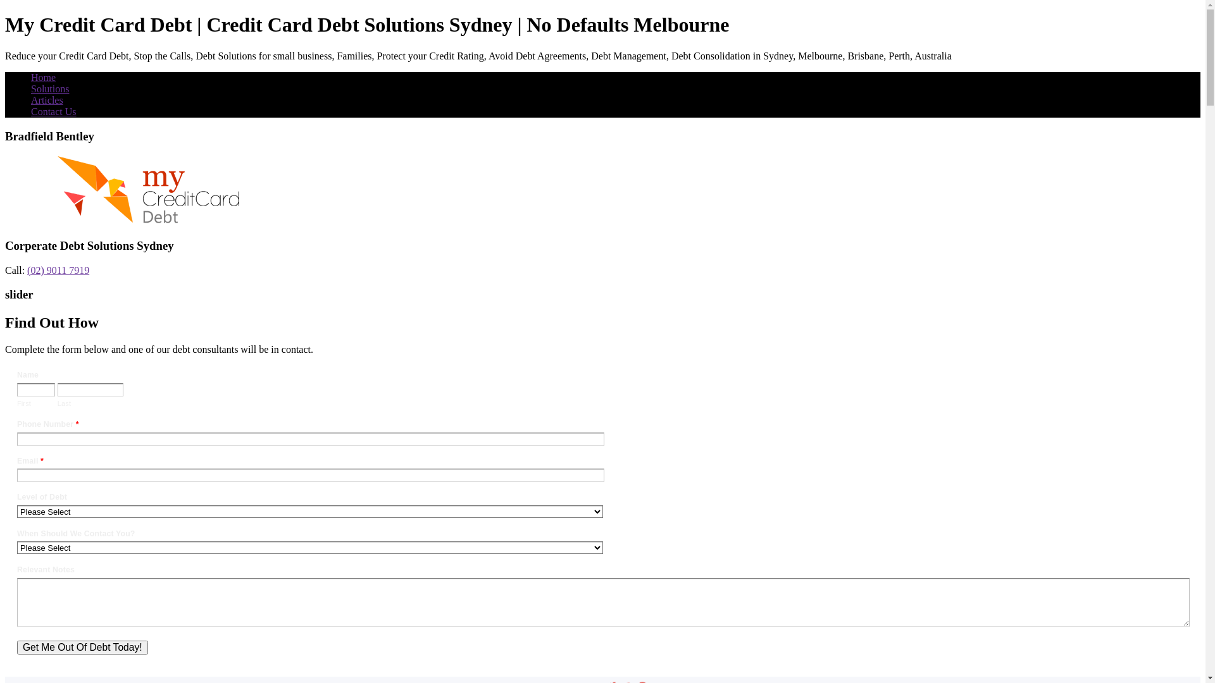 This screenshot has width=1215, height=683. Describe the element at coordinates (57, 269) in the screenshot. I see `'(02) 9011 7919'` at that location.